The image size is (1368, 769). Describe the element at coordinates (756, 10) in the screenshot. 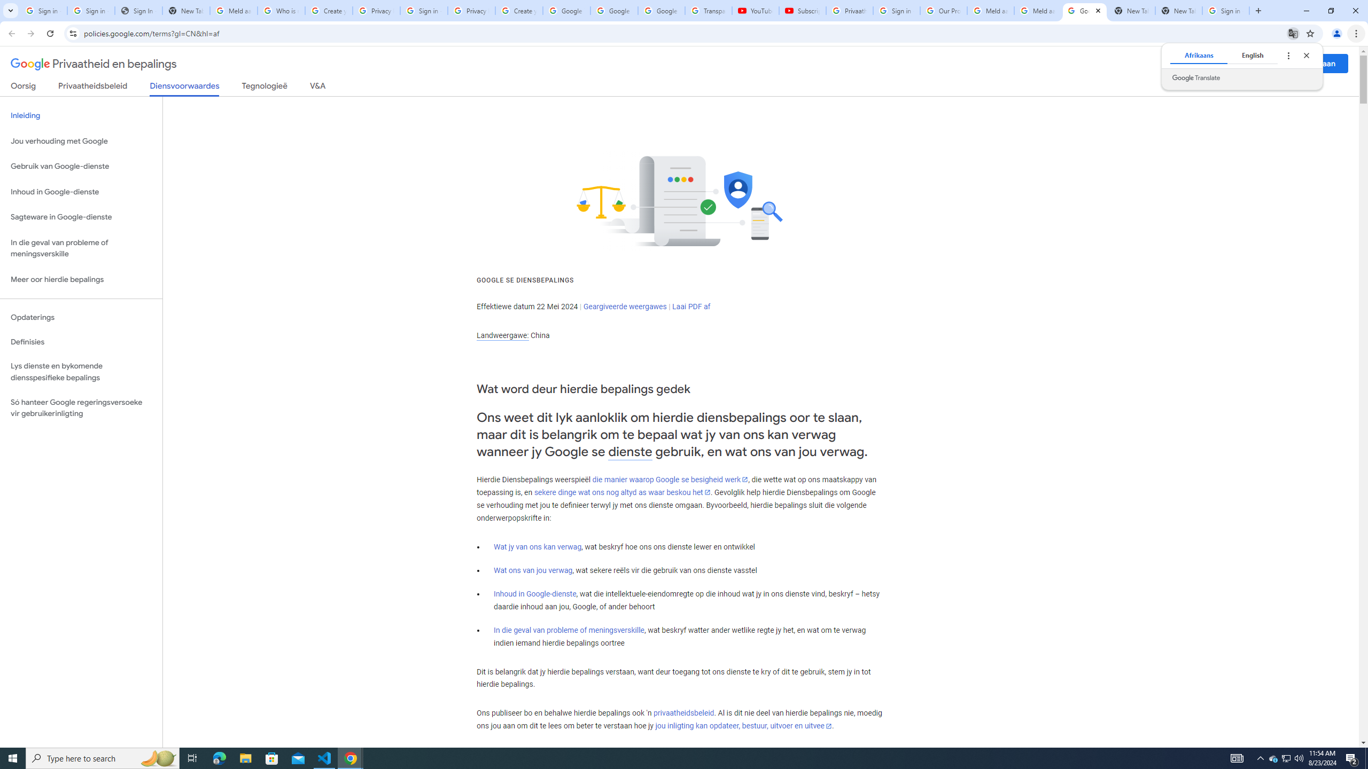

I see `'YouTube'` at that location.